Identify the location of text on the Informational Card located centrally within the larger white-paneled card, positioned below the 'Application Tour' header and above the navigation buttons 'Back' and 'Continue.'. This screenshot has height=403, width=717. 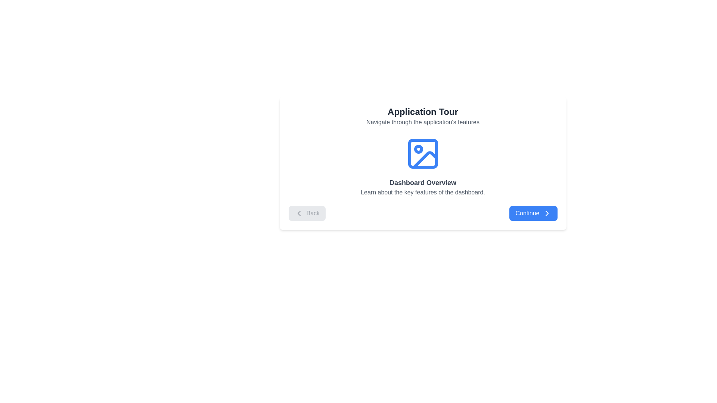
(423, 166).